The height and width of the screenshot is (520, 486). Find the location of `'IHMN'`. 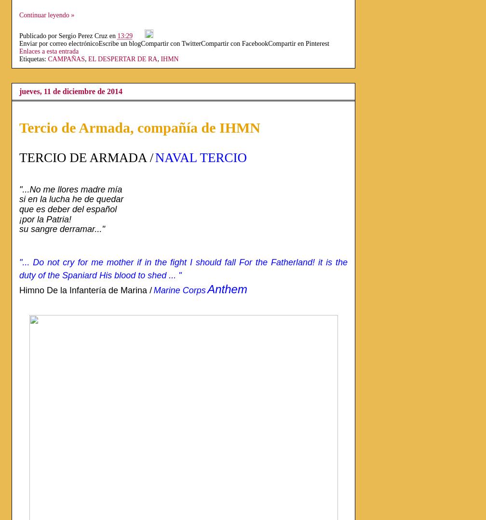

'IHMN' is located at coordinates (169, 59).